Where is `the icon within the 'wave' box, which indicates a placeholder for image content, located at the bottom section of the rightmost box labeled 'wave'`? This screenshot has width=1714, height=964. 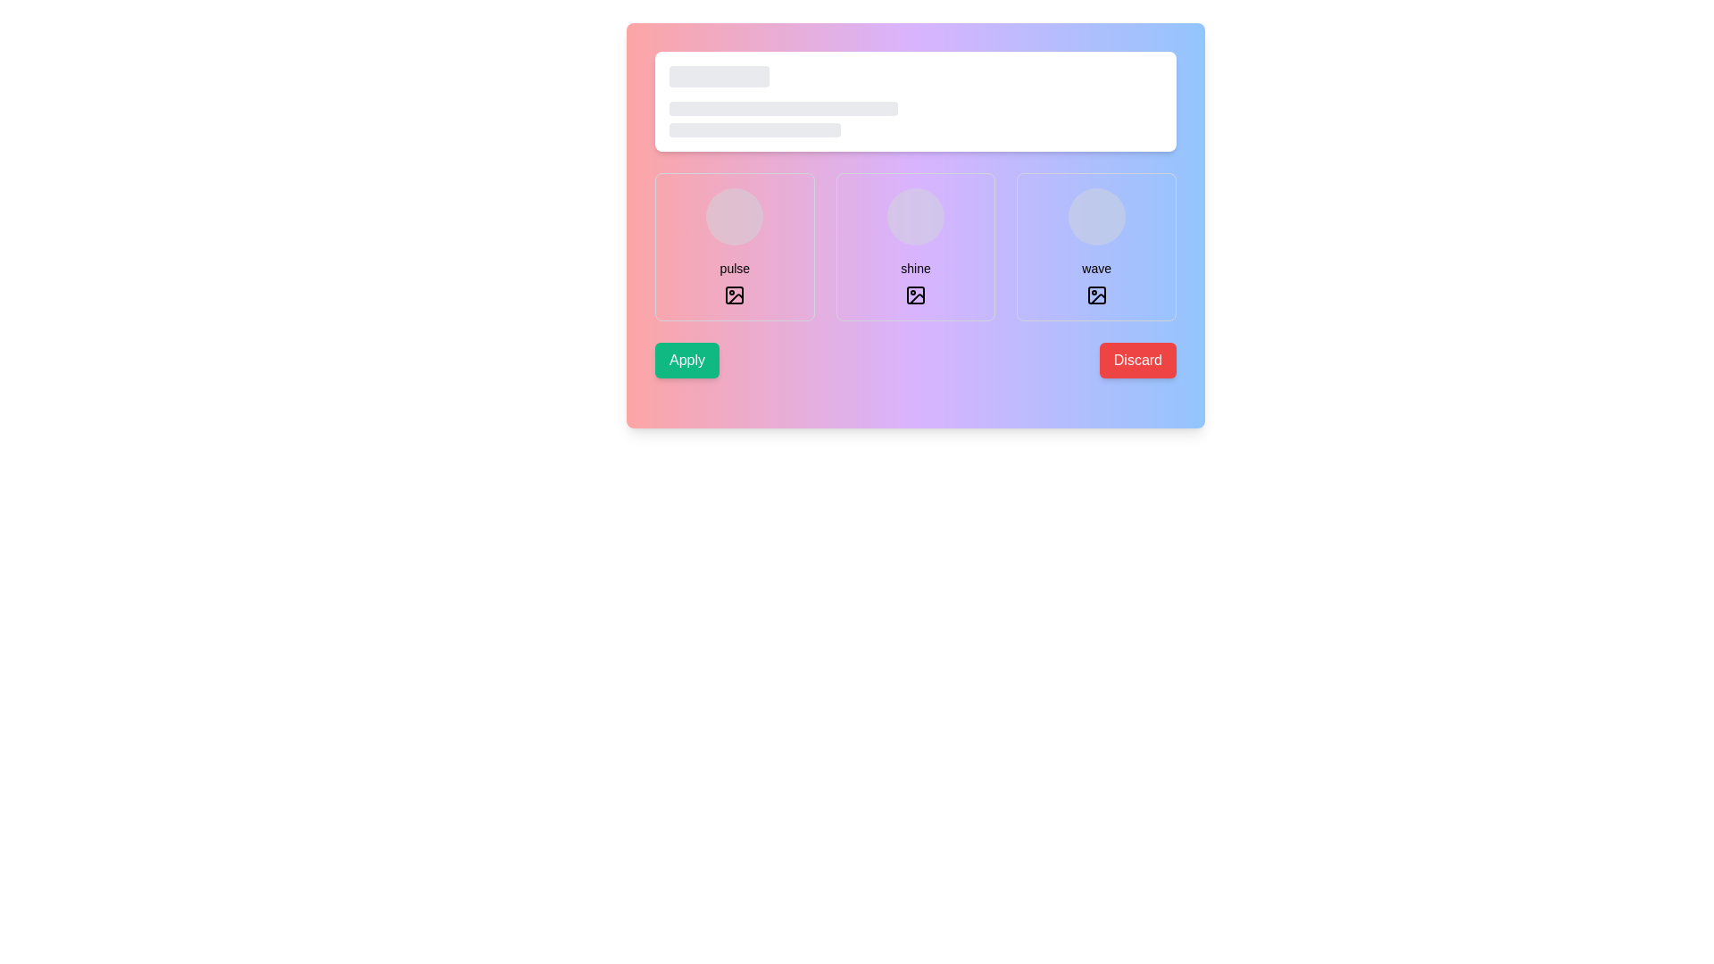
the icon within the 'wave' box, which indicates a placeholder for image content, located at the bottom section of the rightmost box labeled 'wave' is located at coordinates (1095, 295).